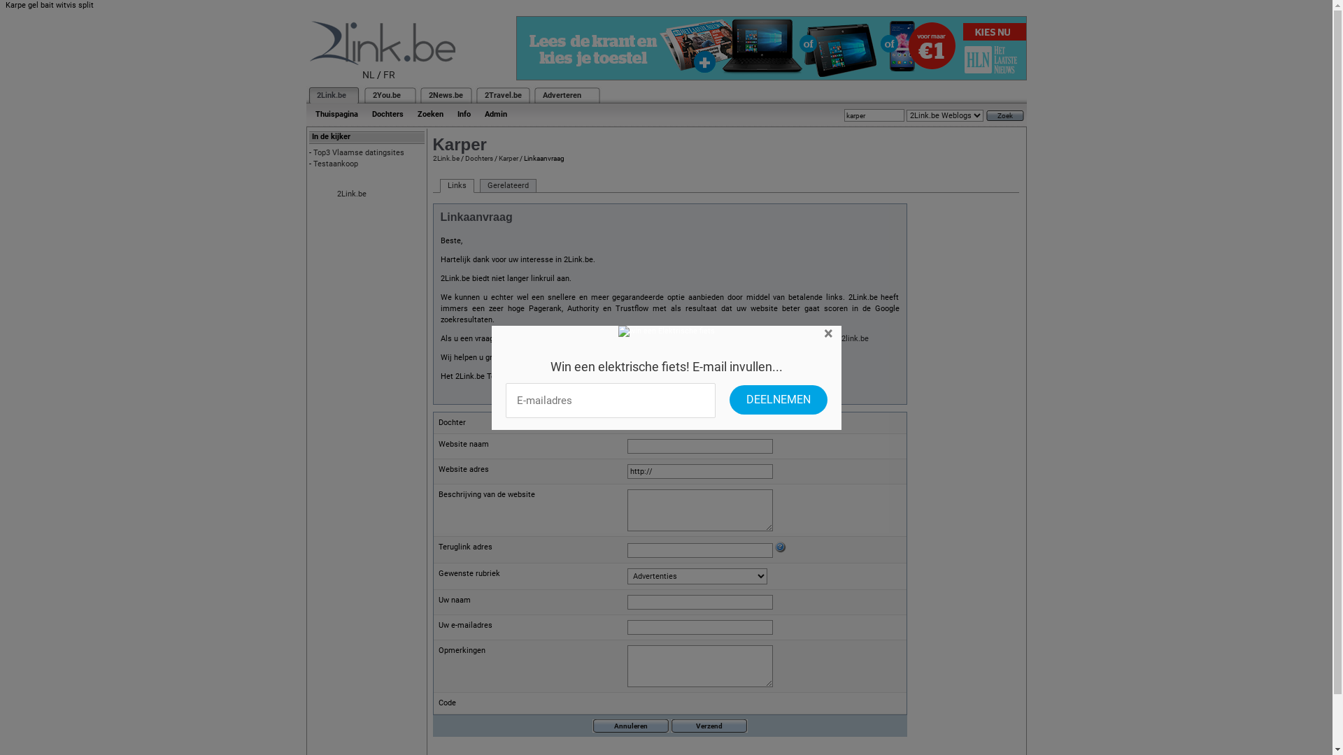 The width and height of the screenshot is (1343, 755). I want to click on 'Dochters', so click(478, 157).